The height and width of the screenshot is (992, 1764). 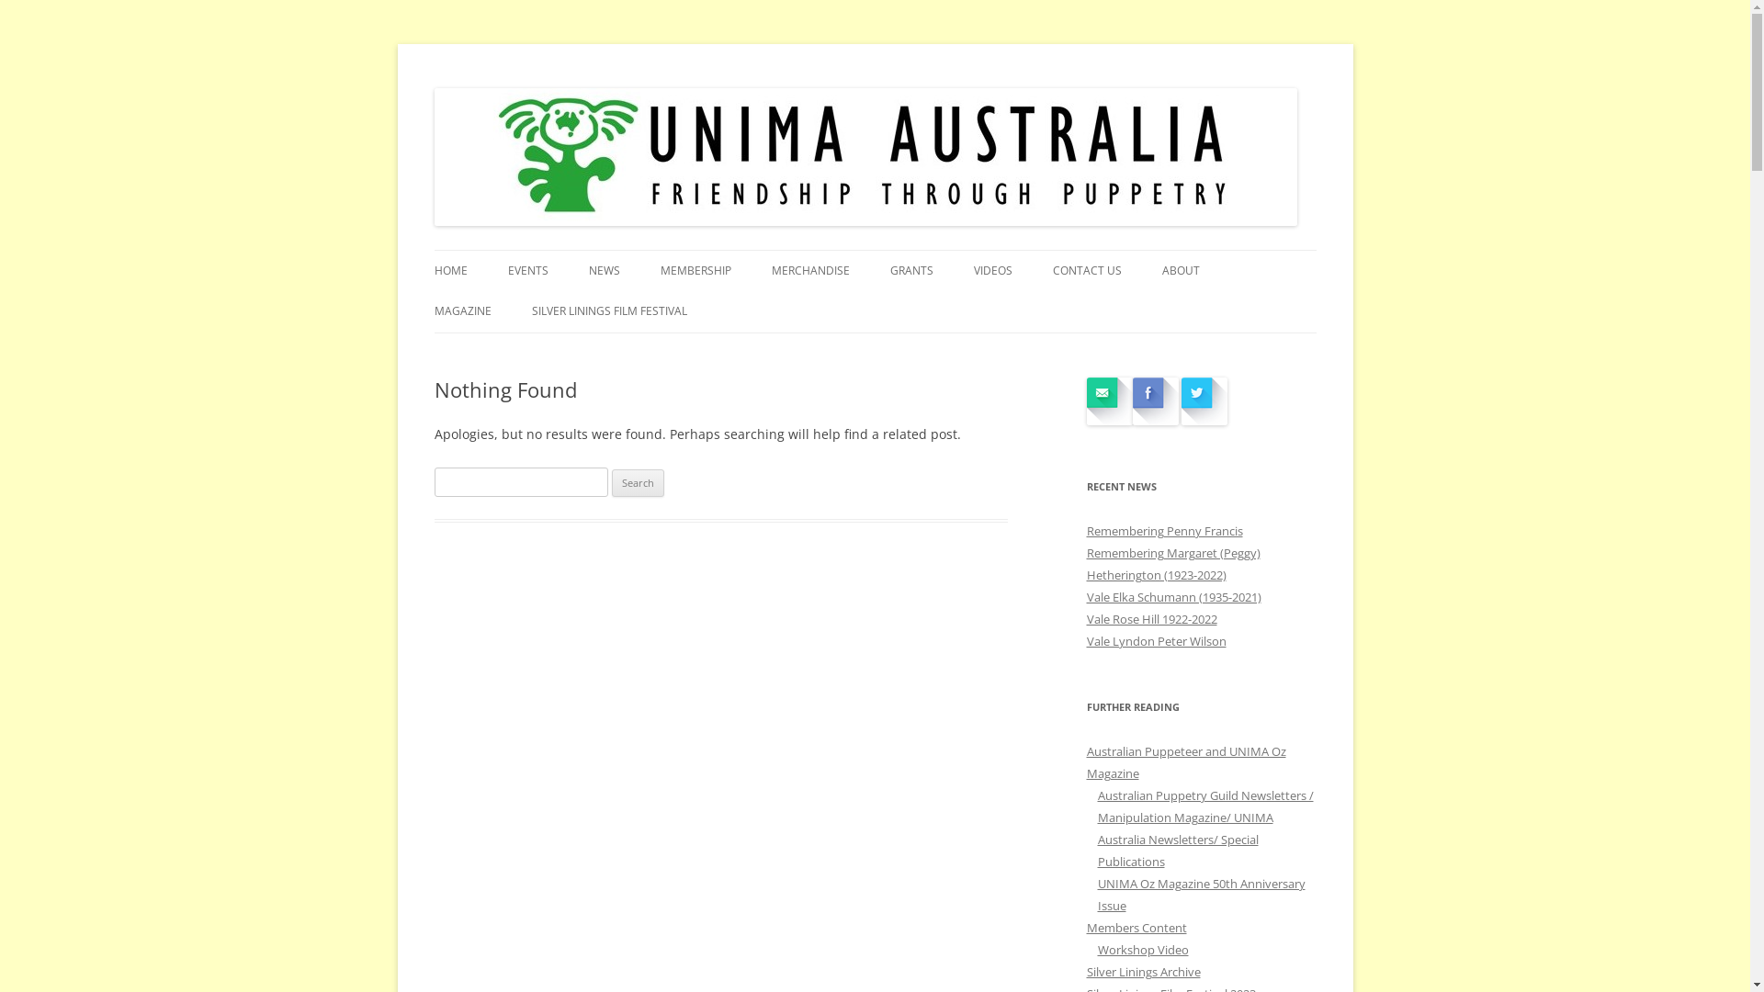 I want to click on 'Vale Elka Schumann (1935-2021)', so click(x=1171, y=597).